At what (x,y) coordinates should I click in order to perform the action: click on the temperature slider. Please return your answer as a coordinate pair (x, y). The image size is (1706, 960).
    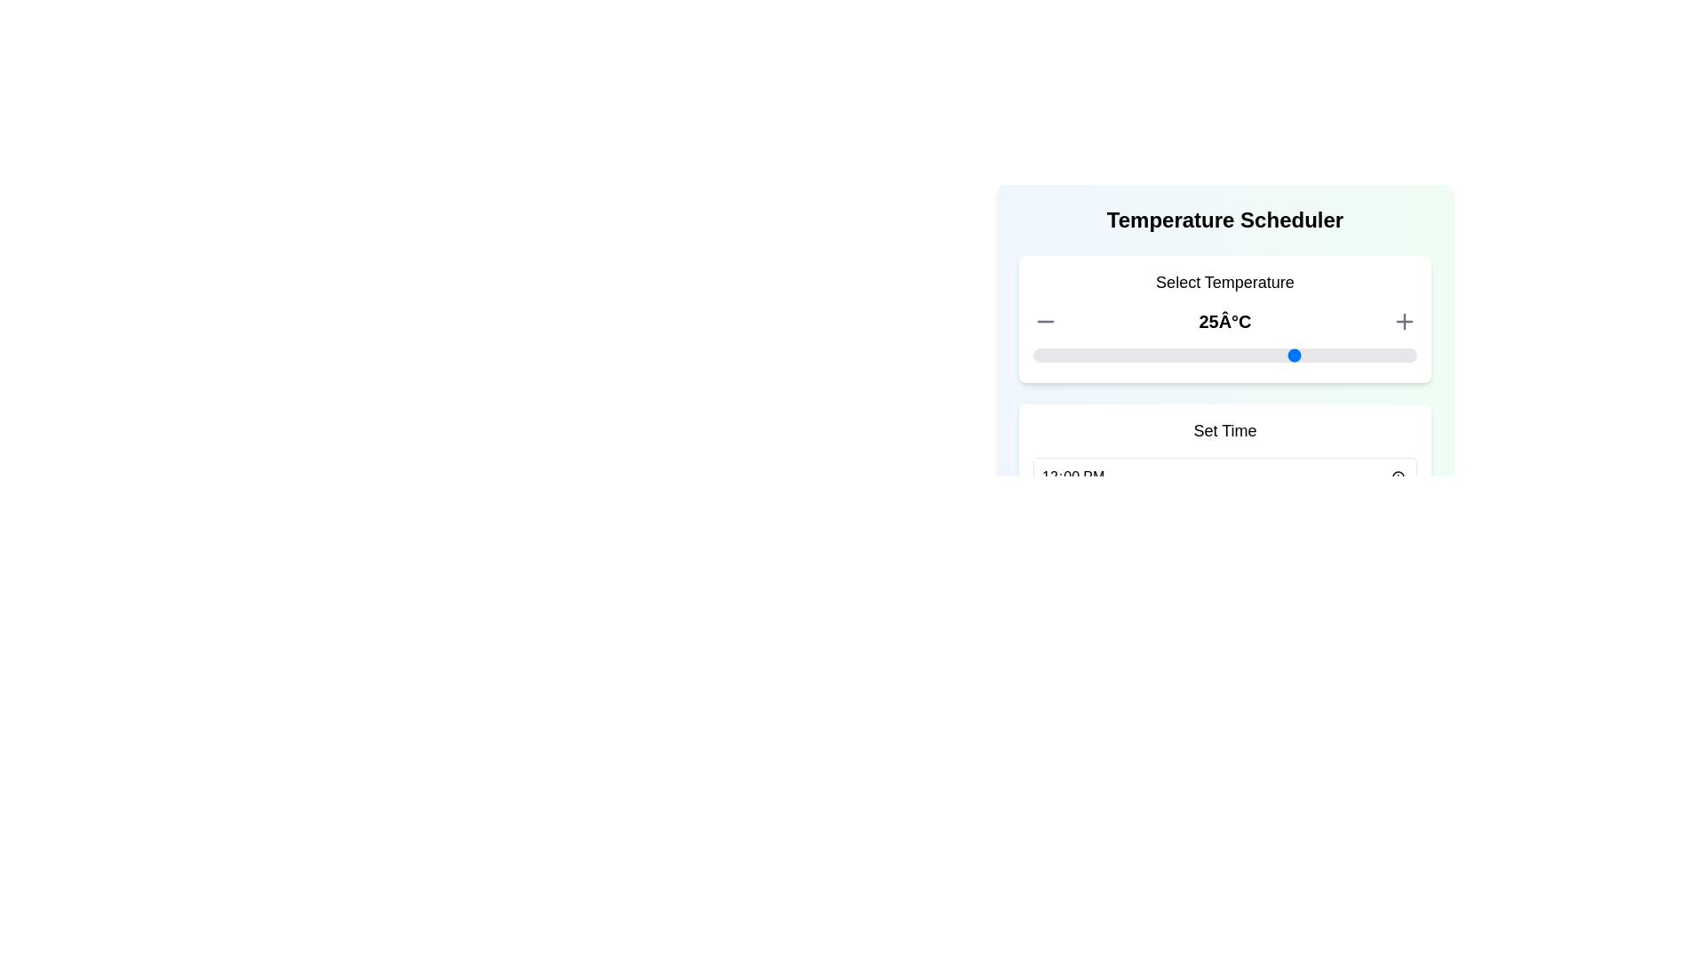
    Looking at the image, I should click on (1229, 356).